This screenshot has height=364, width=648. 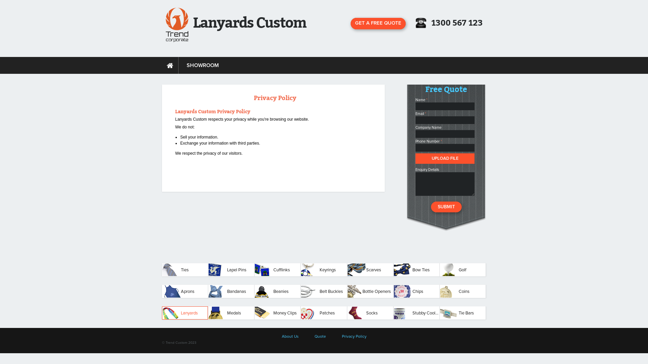 What do you see at coordinates (445, 158) in the screenshot?
I see `'UPLOAD FILE'` at bounding box center [445, 158].